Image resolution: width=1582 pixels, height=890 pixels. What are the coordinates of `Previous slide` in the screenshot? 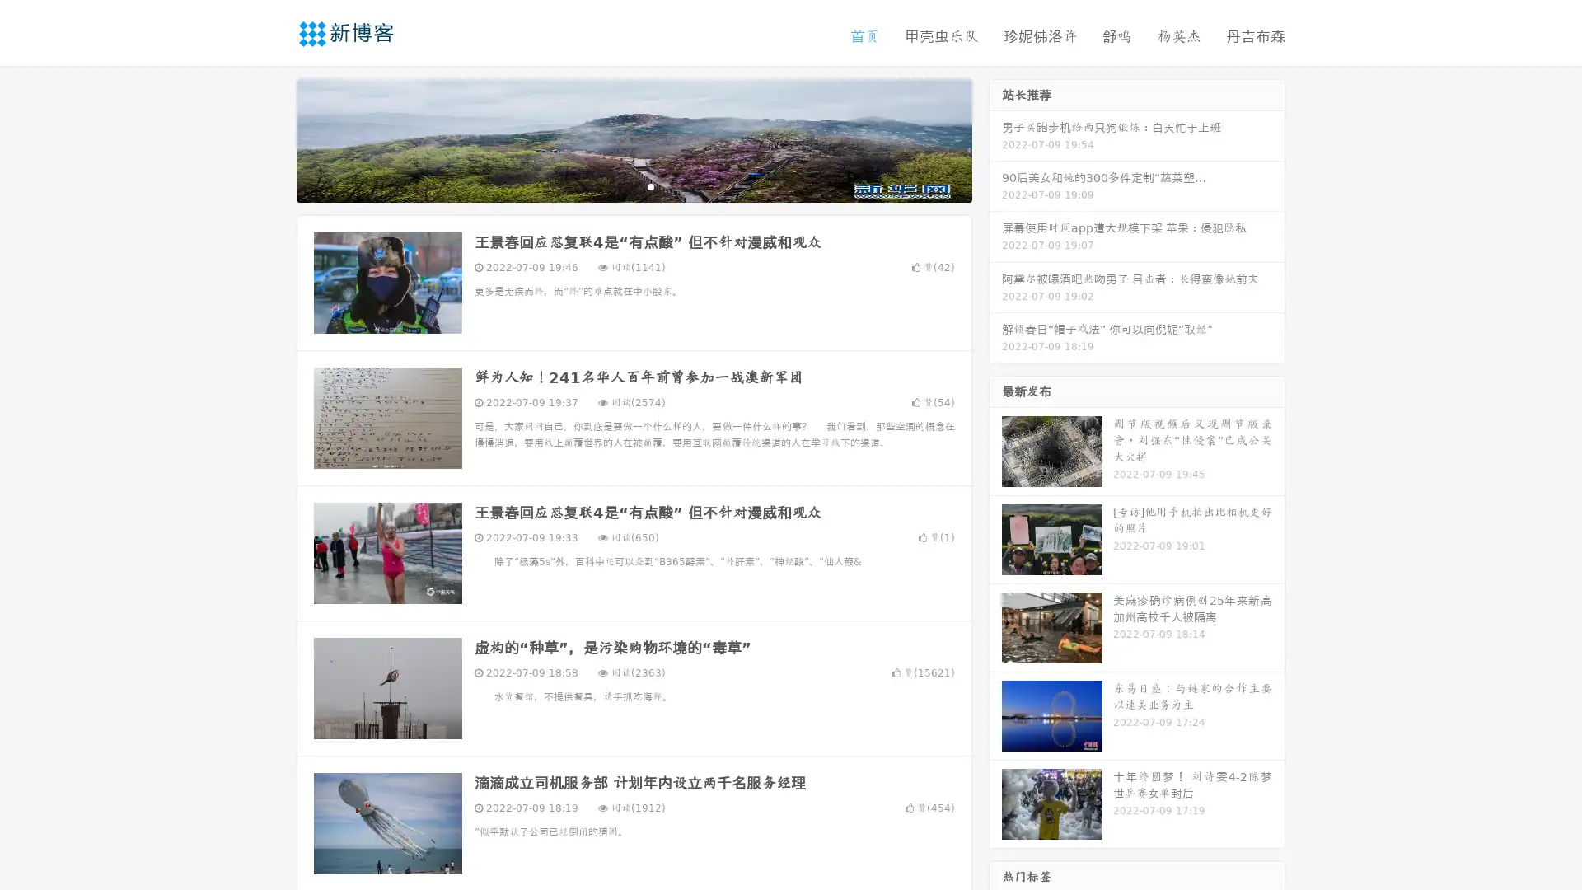 It's located at (272, 138).